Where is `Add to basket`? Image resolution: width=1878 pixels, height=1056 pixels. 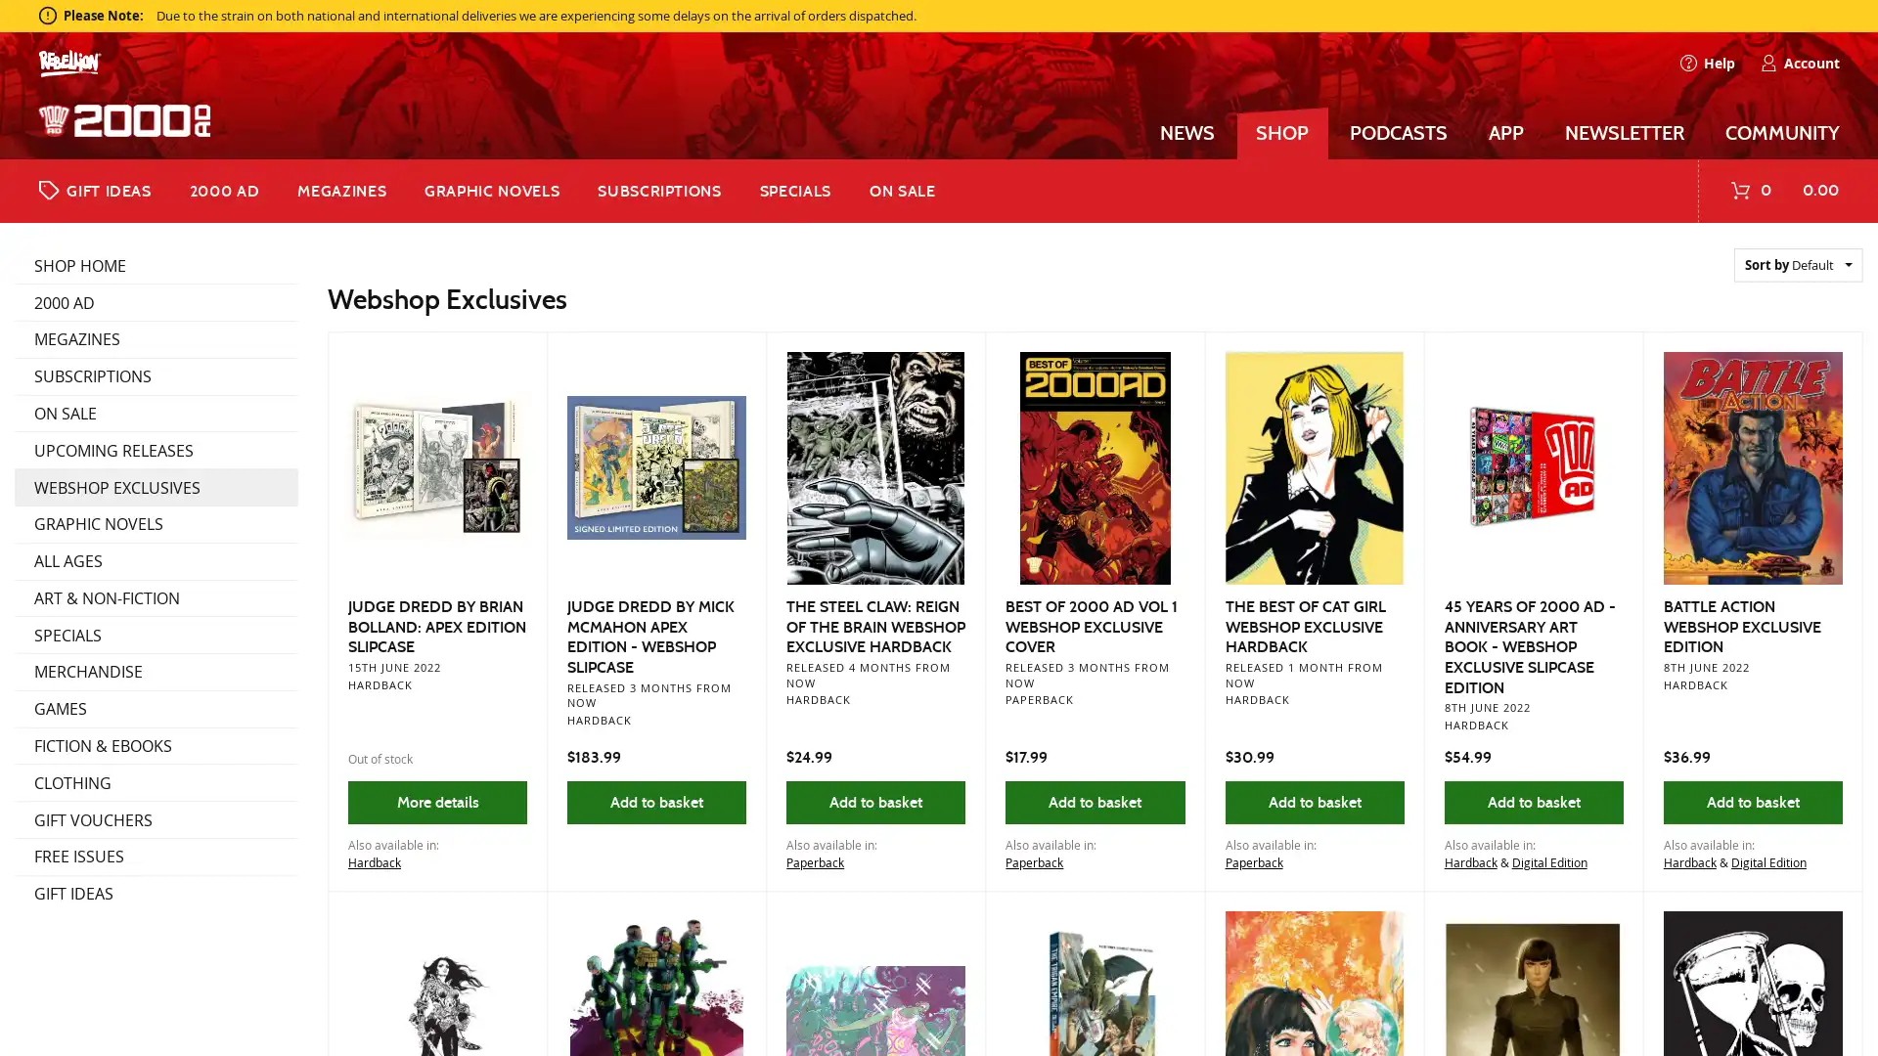
Add to basket is located at coordinates (1094, 802).